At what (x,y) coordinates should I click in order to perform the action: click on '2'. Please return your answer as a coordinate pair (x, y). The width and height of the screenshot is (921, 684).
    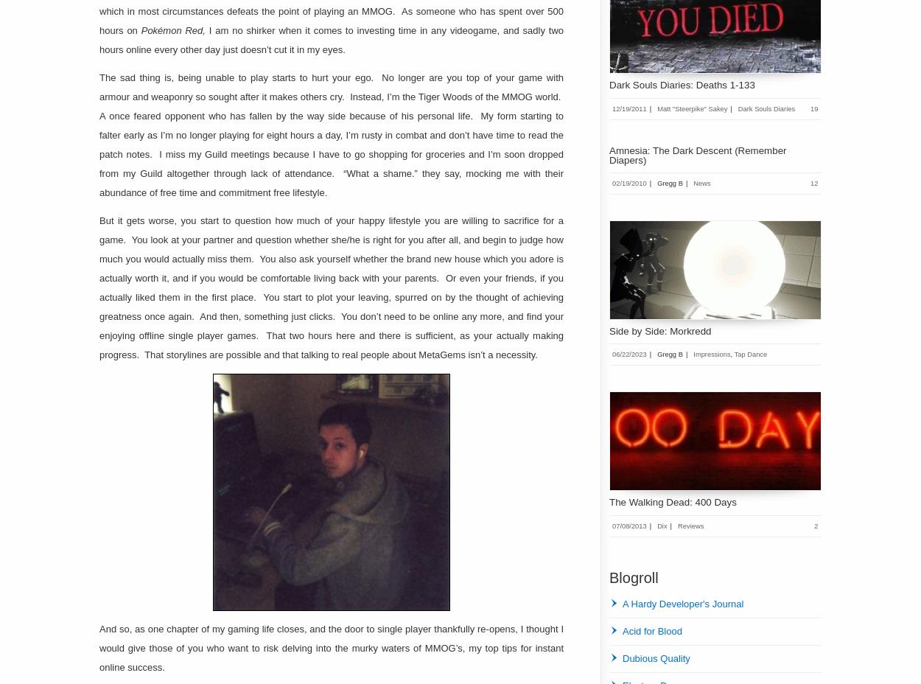
    Looking at the image, I should click on (816, 524).